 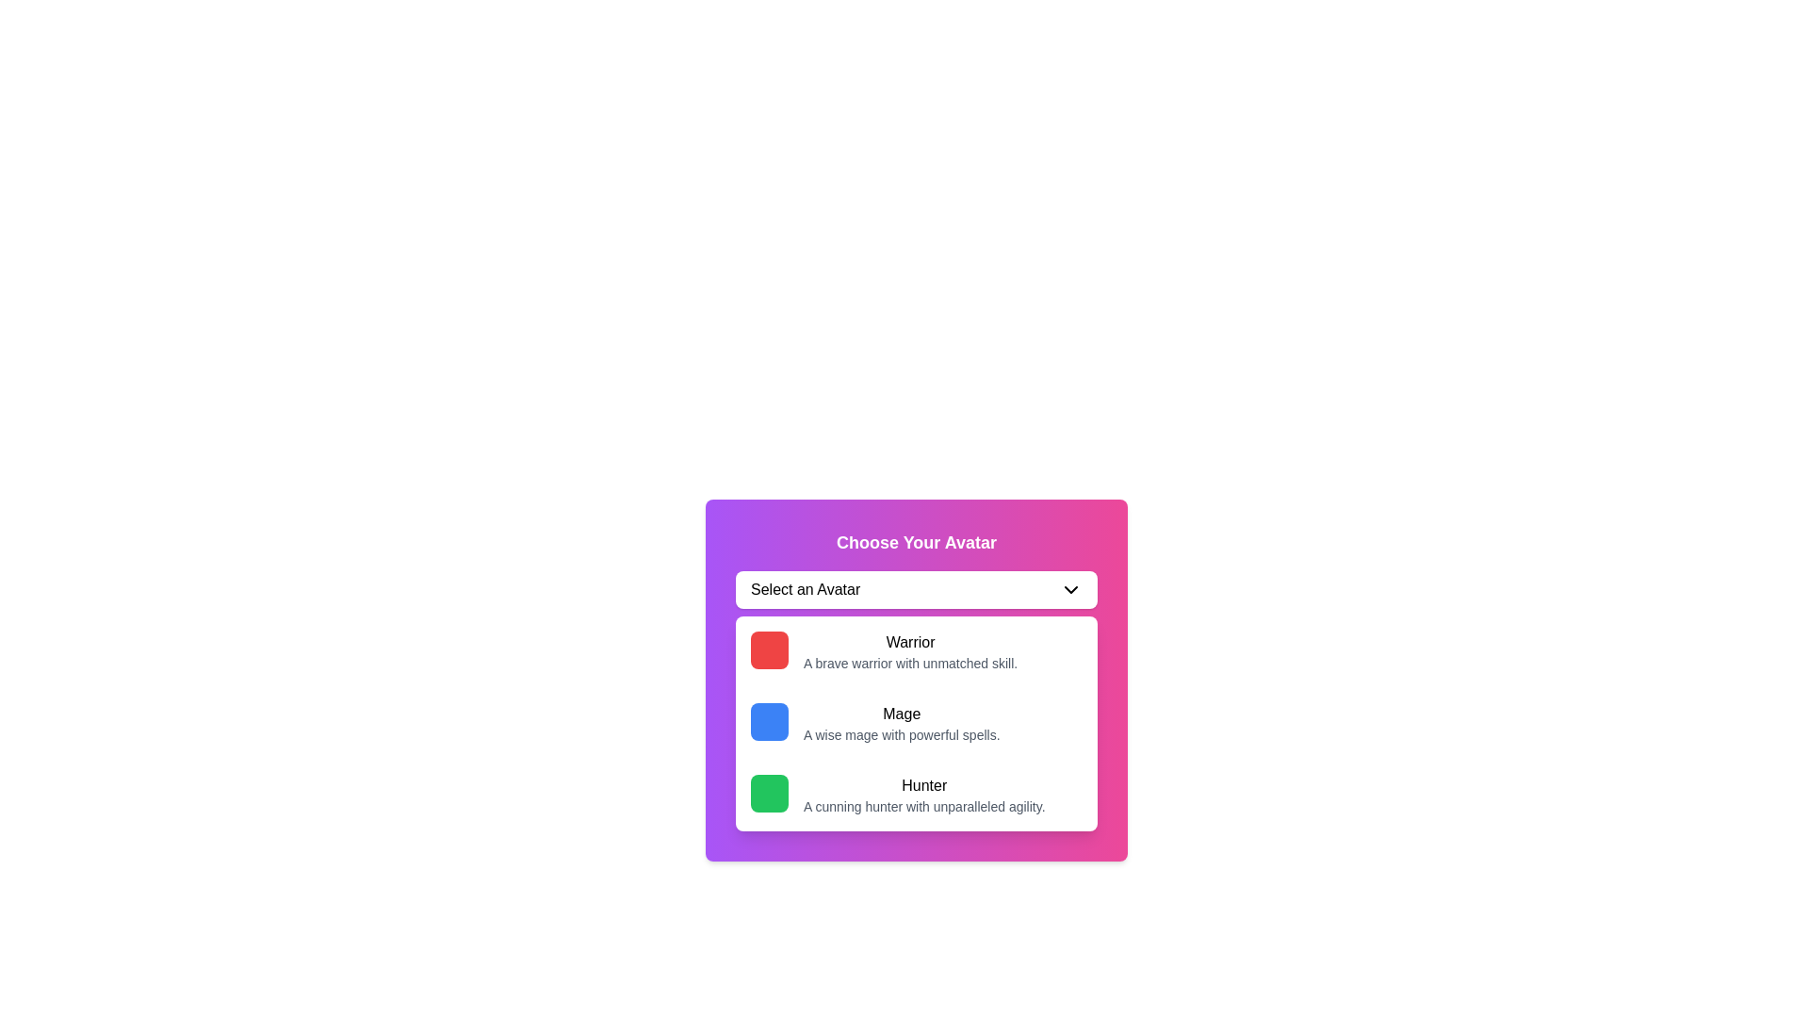 I want to click on the 'Mage' dropdown item, which is the second selectable option in the 'Choose Your Avatar' section, so click(x=917, y=701).